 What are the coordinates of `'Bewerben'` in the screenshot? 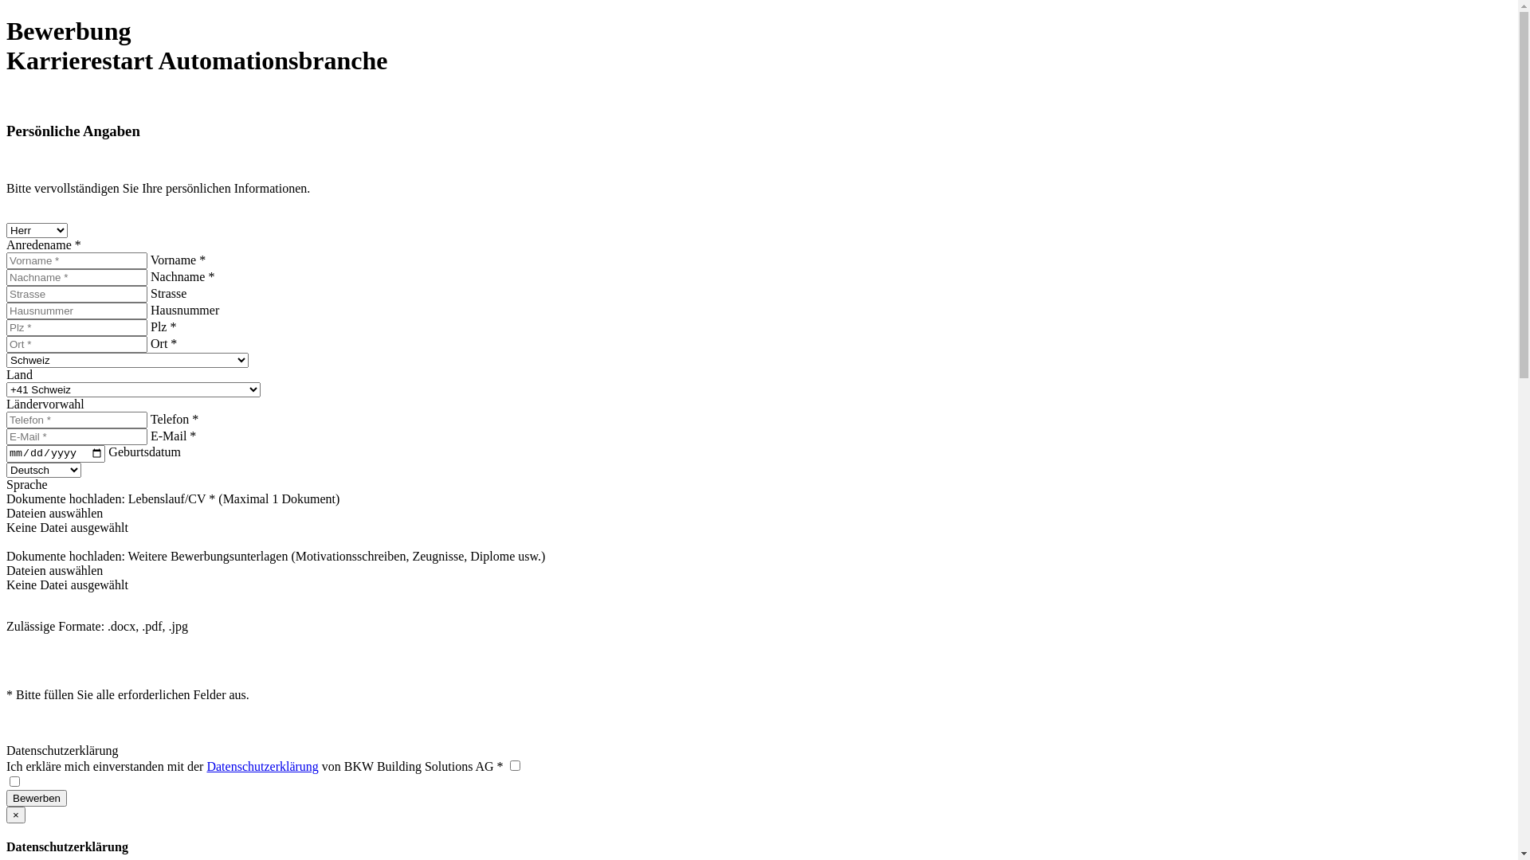 It's located at (37, 798).